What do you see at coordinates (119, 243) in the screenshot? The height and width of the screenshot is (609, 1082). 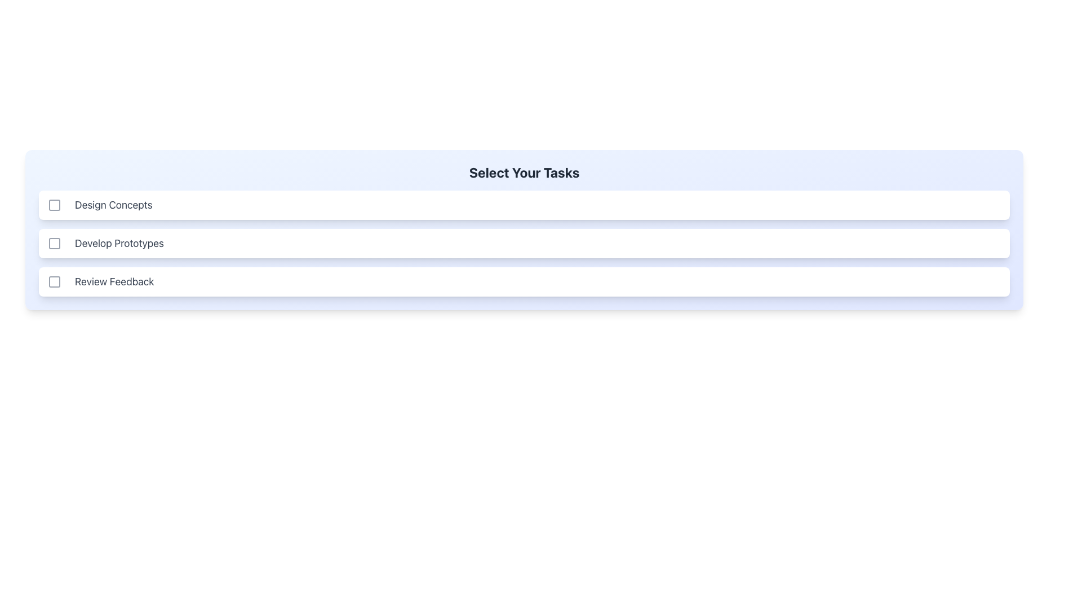 I see `the 'Develop Prototypes' label which is styled with a large font size and light gray text, located below 'Design Concepts' and above 'Review Feedback'` at bounding box center [119, 243].